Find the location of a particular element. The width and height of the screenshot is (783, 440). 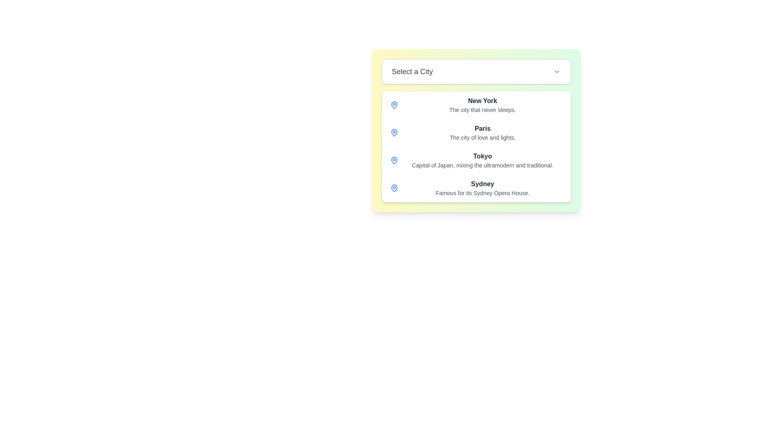

text of the third list item titled 'Tokyo', which contains the description 'Capital of Japan, mixing the ultramodern and traditional.' is located at coordinates (482, 160).